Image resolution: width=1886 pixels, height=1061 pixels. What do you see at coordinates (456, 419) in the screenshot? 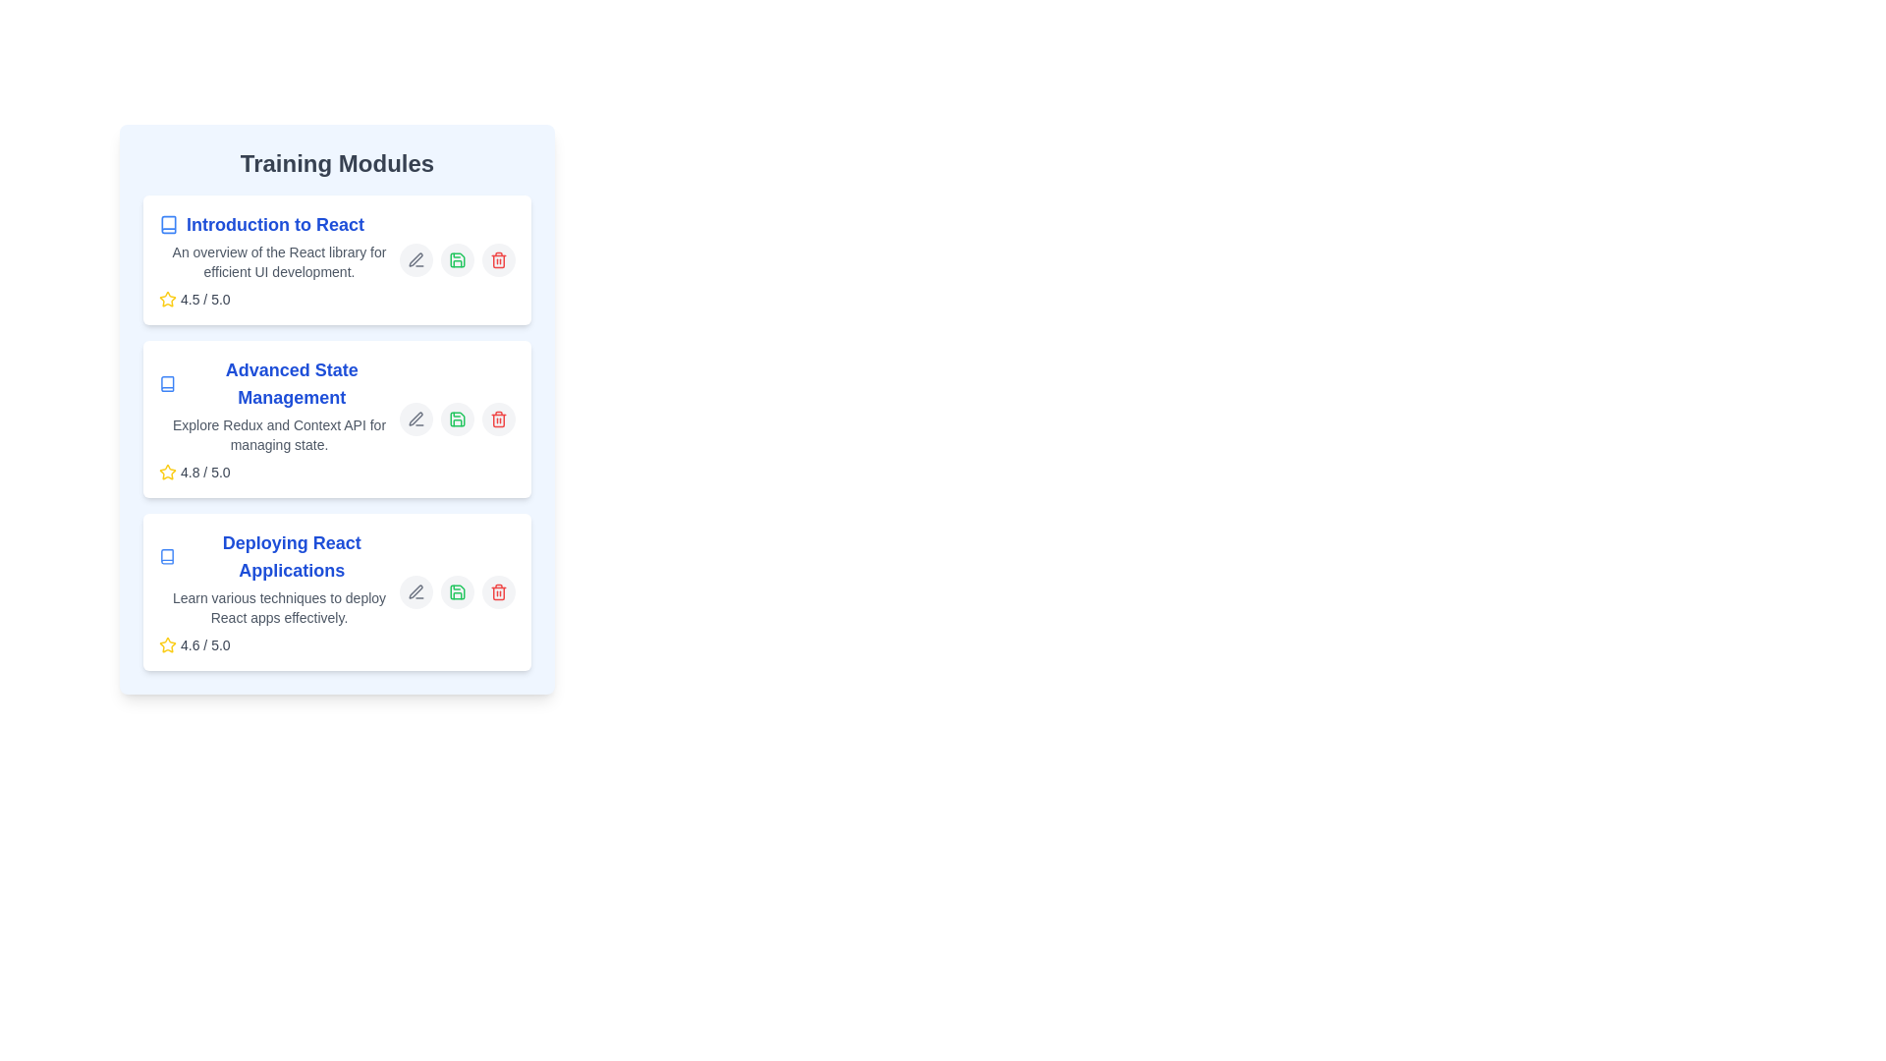
I see `the green save icon located beside the list item labeled 'Advanced State Management'` at bounding box center [456, 419].